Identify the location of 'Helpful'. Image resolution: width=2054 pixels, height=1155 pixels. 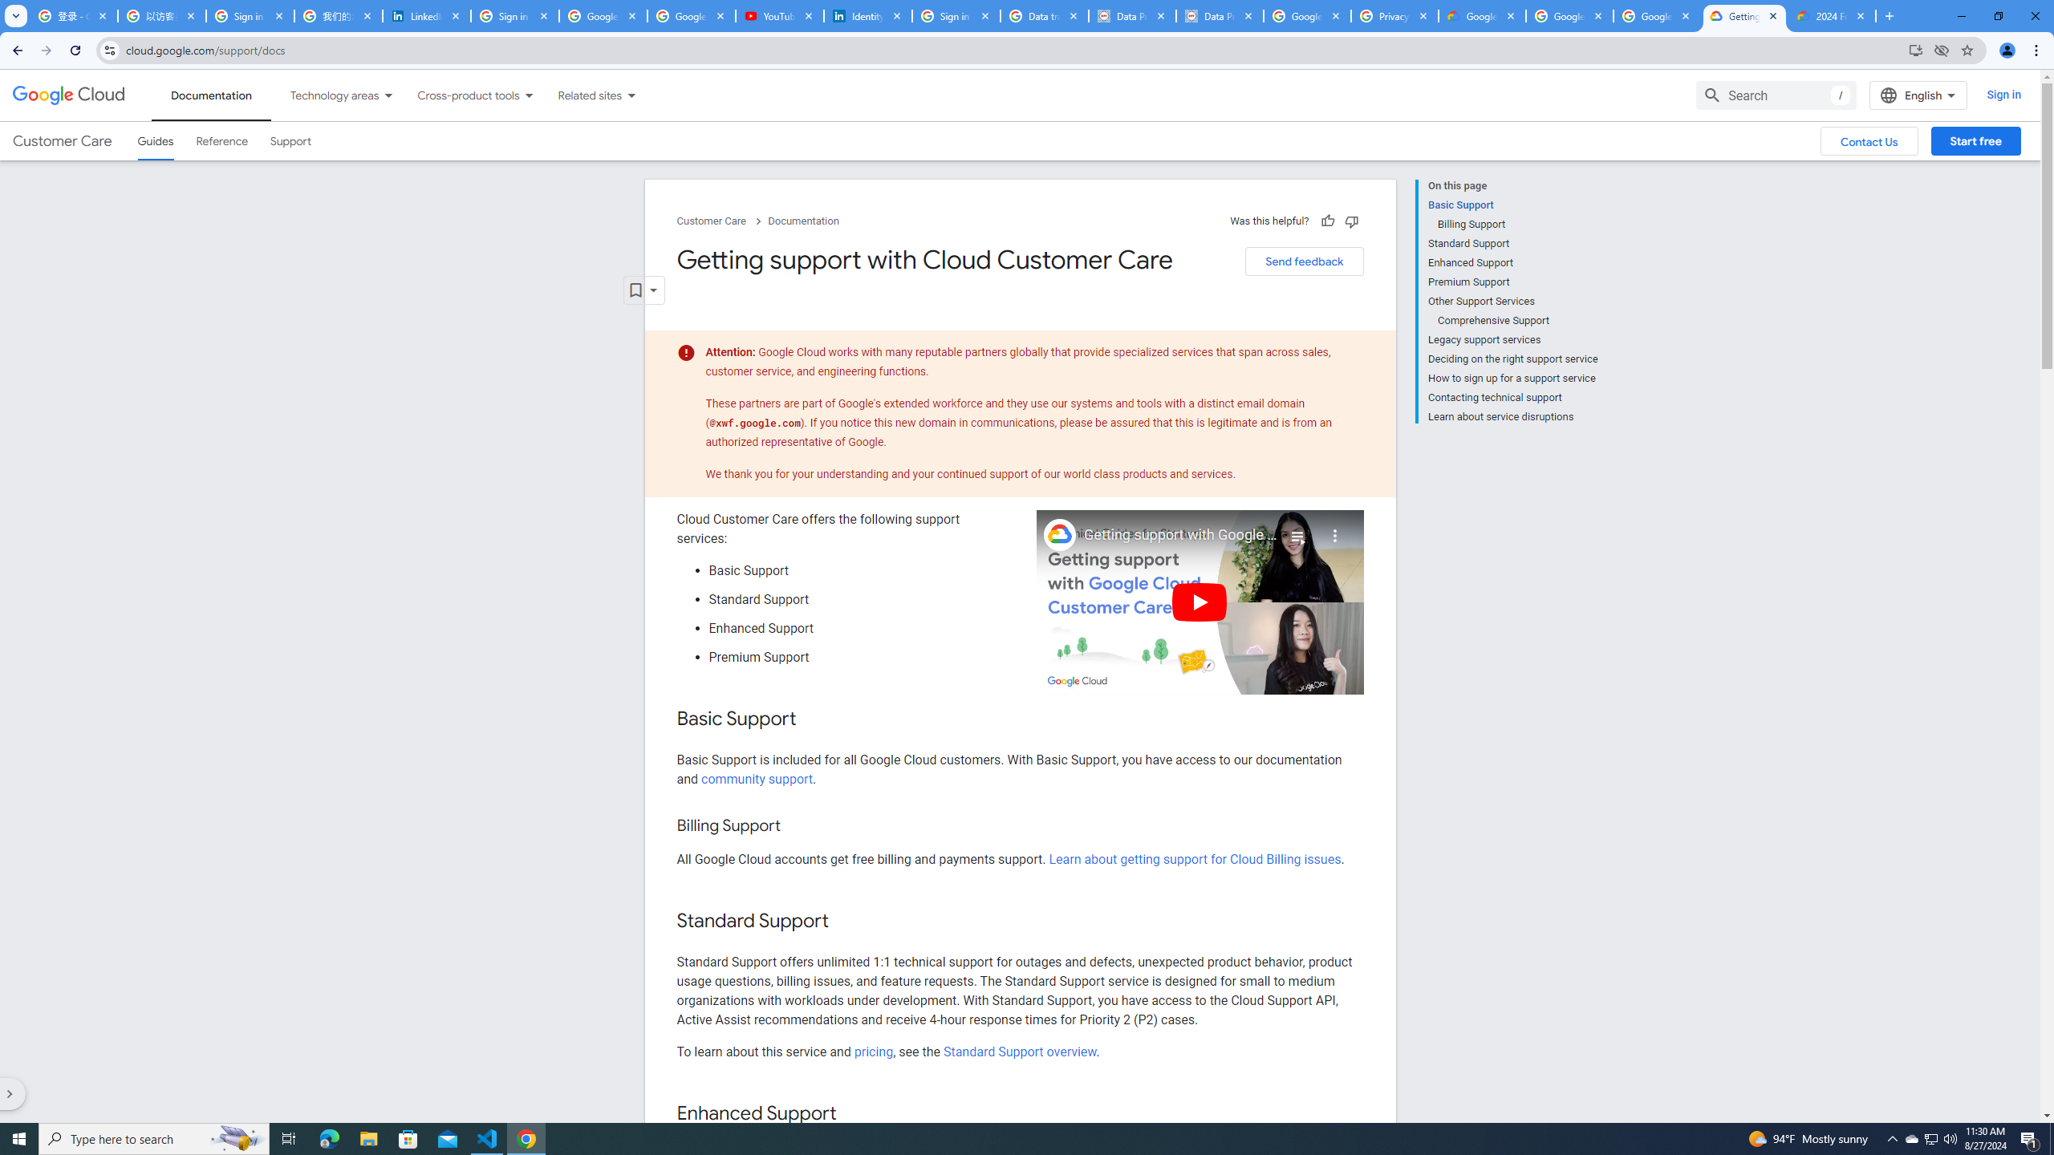
(1325, 221).